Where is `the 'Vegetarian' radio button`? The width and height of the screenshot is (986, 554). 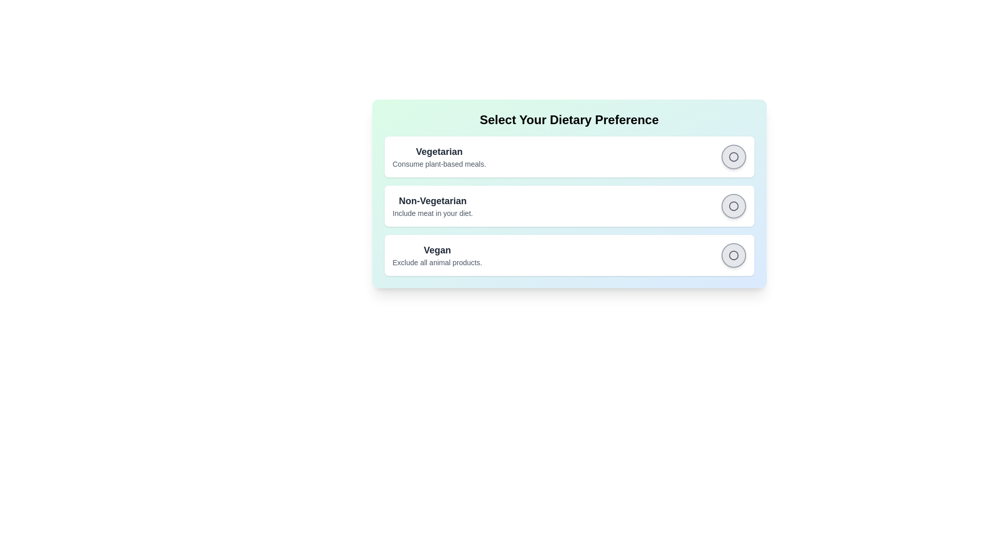 the 'Vegetarian' radio button is located at coordinates (733, 156).